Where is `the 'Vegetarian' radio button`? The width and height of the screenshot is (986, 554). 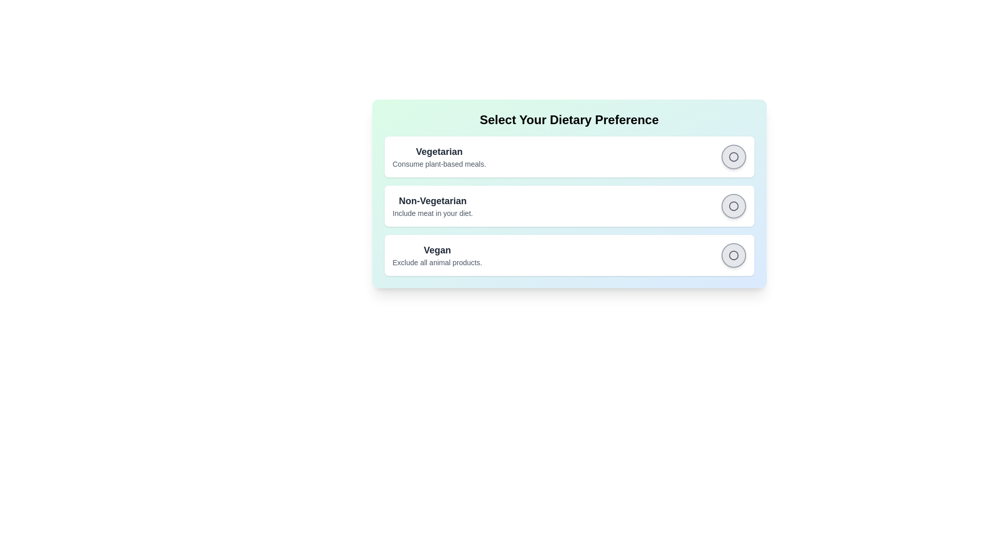 the 'Vegetarian' radio button is located at coordinates (733, 156).